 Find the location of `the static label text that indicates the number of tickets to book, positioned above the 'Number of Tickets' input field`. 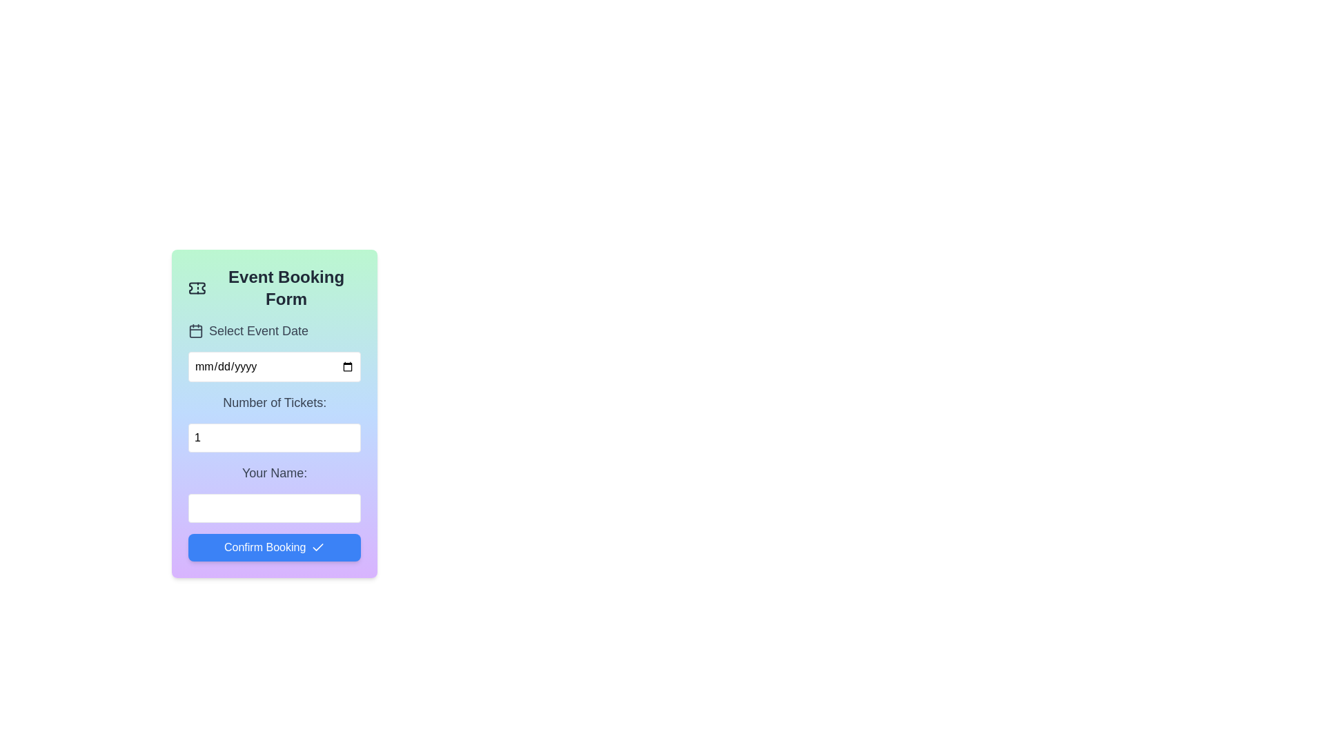

the static label text that indicates the number of tickets to book, positioned above the 'Number of Tickets' input field is located at coordinates (275, 402).